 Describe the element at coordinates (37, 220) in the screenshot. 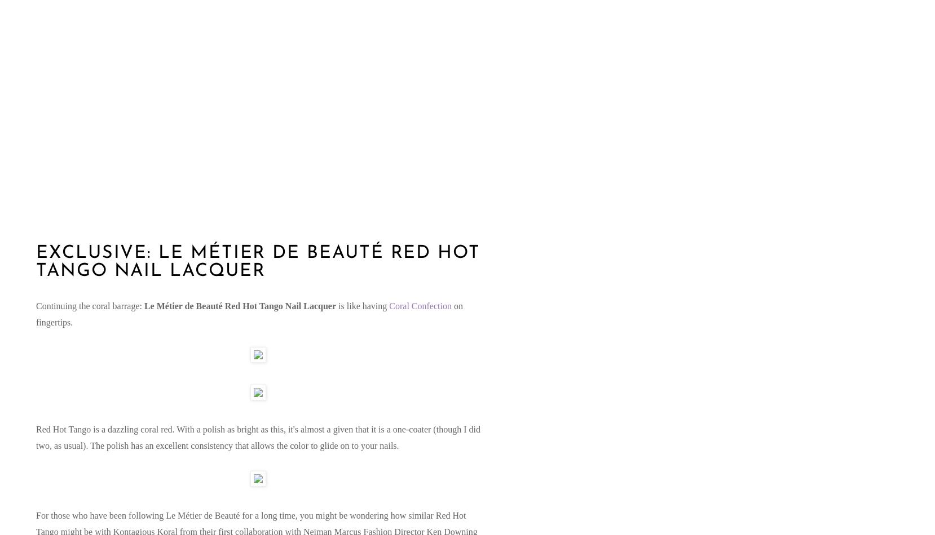

I see `'Saturday, June 2, 2012'` at that location.